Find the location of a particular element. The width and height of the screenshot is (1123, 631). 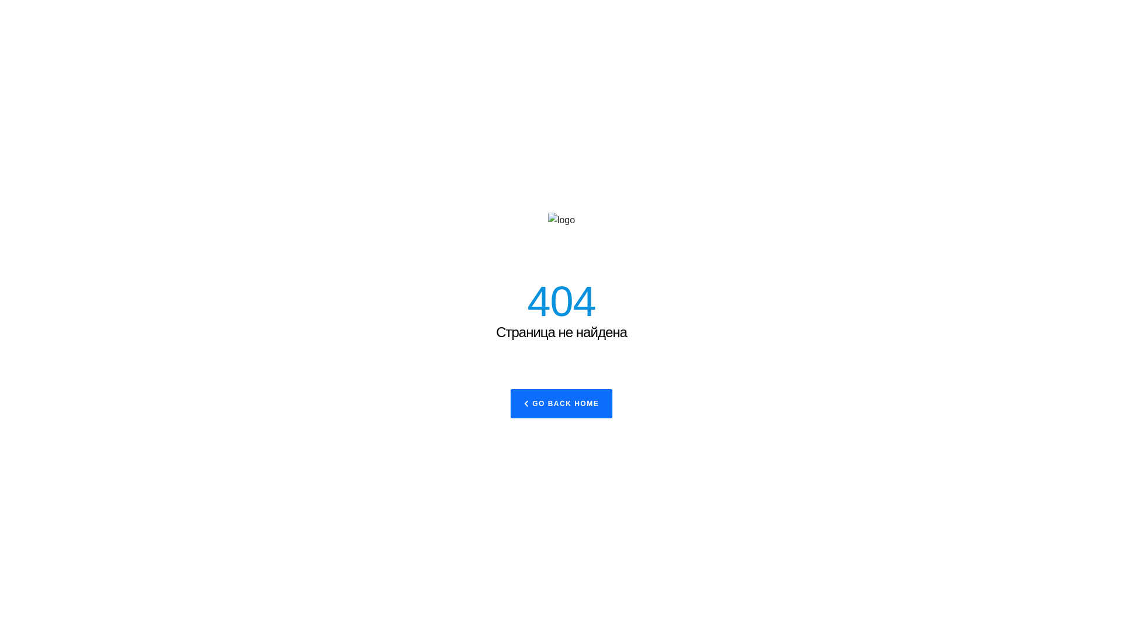

'GO BACK HOME' is located at coordinates (511, 403).